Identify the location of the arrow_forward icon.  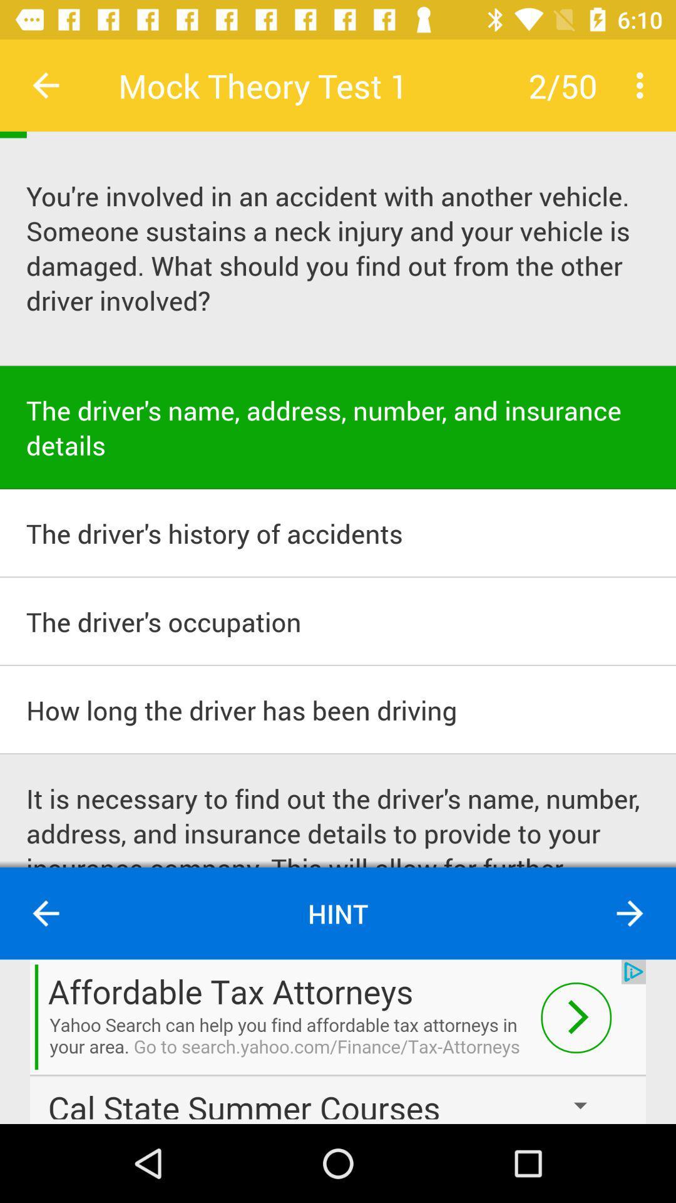
(630, 914).